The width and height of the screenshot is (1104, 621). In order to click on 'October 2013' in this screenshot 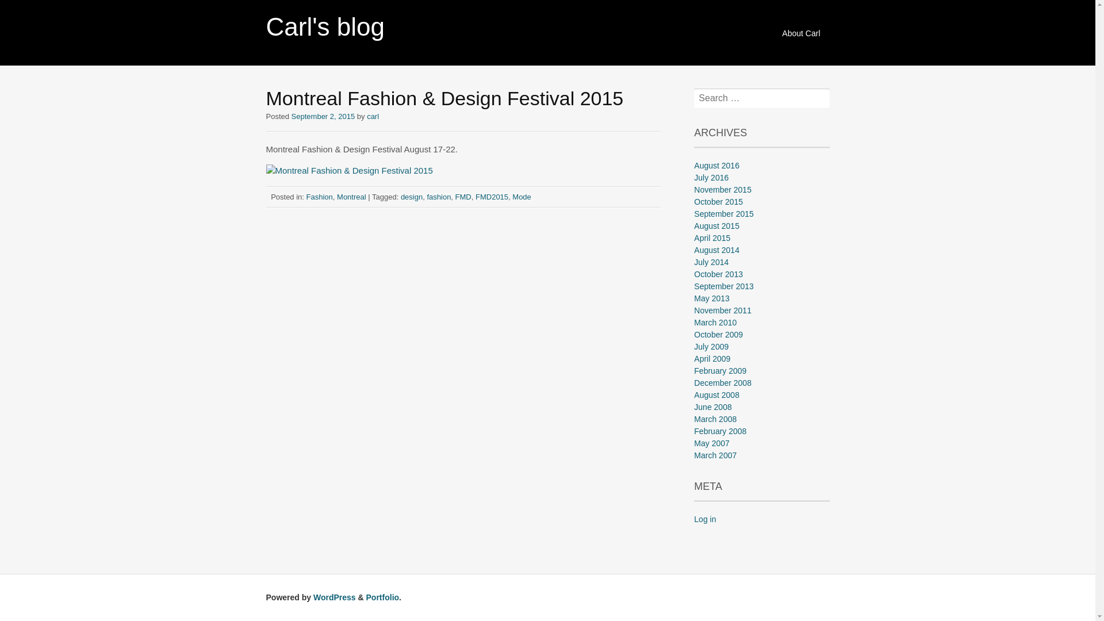, I will do `click(718, 274)`.